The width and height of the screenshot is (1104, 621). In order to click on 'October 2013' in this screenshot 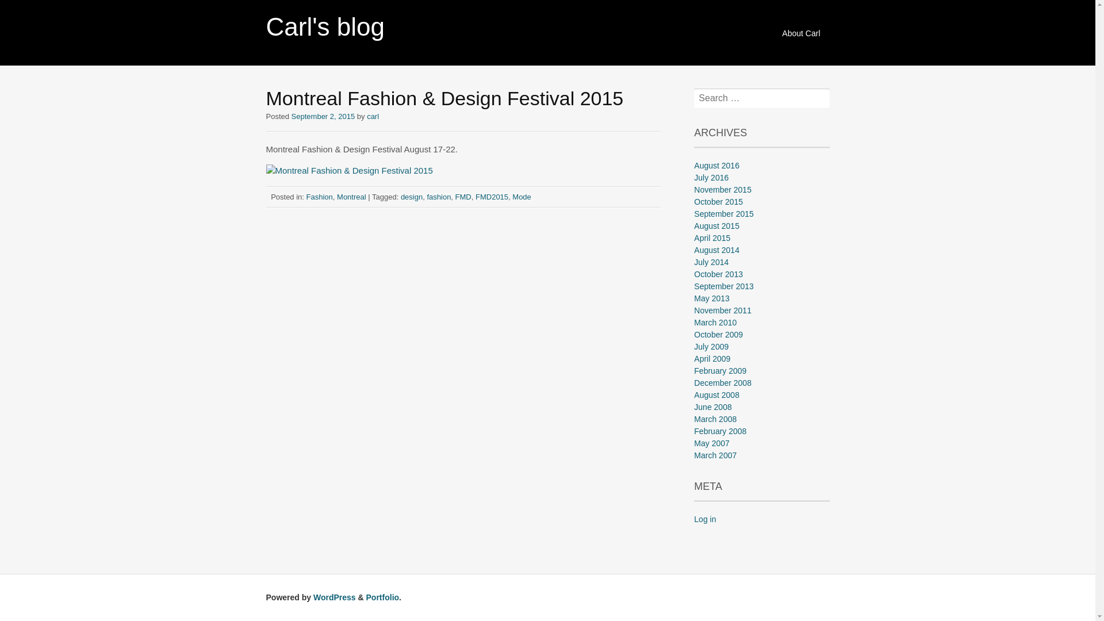, I will do `click(718, 274)`.